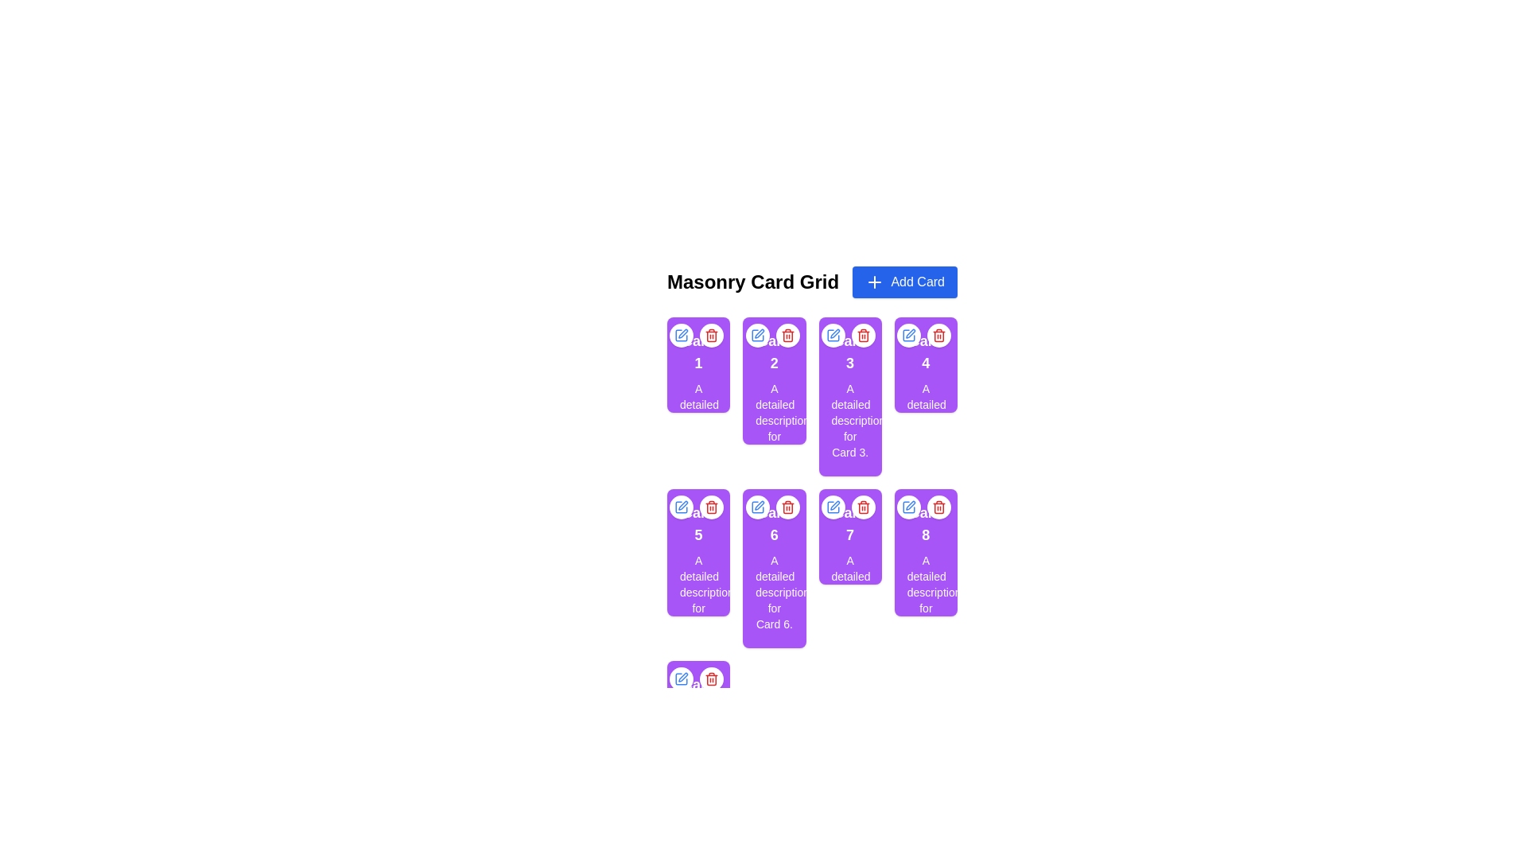 The width and height of the screenshot is (1527, 859). I want to click on the red trash bin icon button located at the top-right corner of the card, so click(711, 507).